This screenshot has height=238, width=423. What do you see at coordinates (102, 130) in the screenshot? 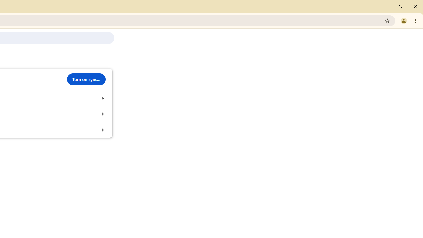
I see `'Import bookmarks and settings'` at bounding box center [102, 130].